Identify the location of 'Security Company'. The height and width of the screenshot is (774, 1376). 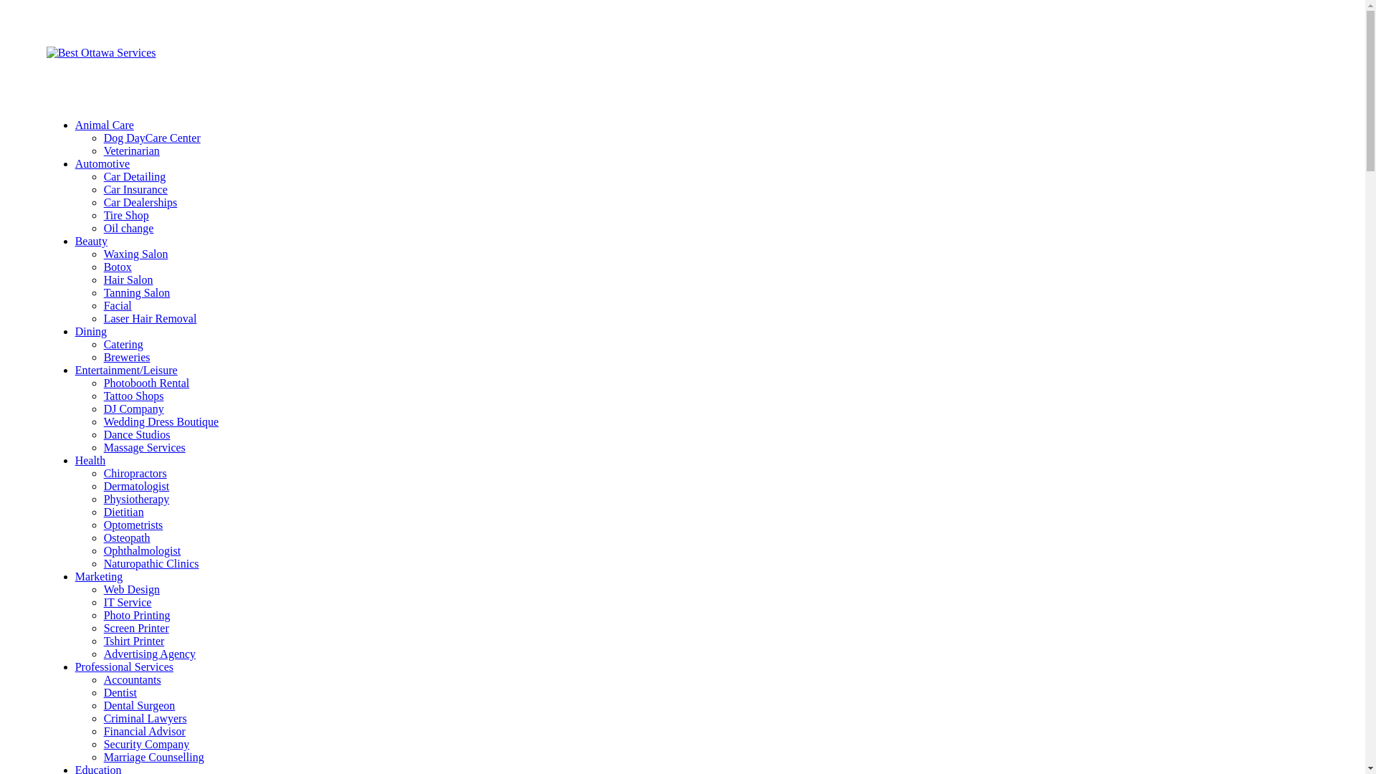
(147, 743).